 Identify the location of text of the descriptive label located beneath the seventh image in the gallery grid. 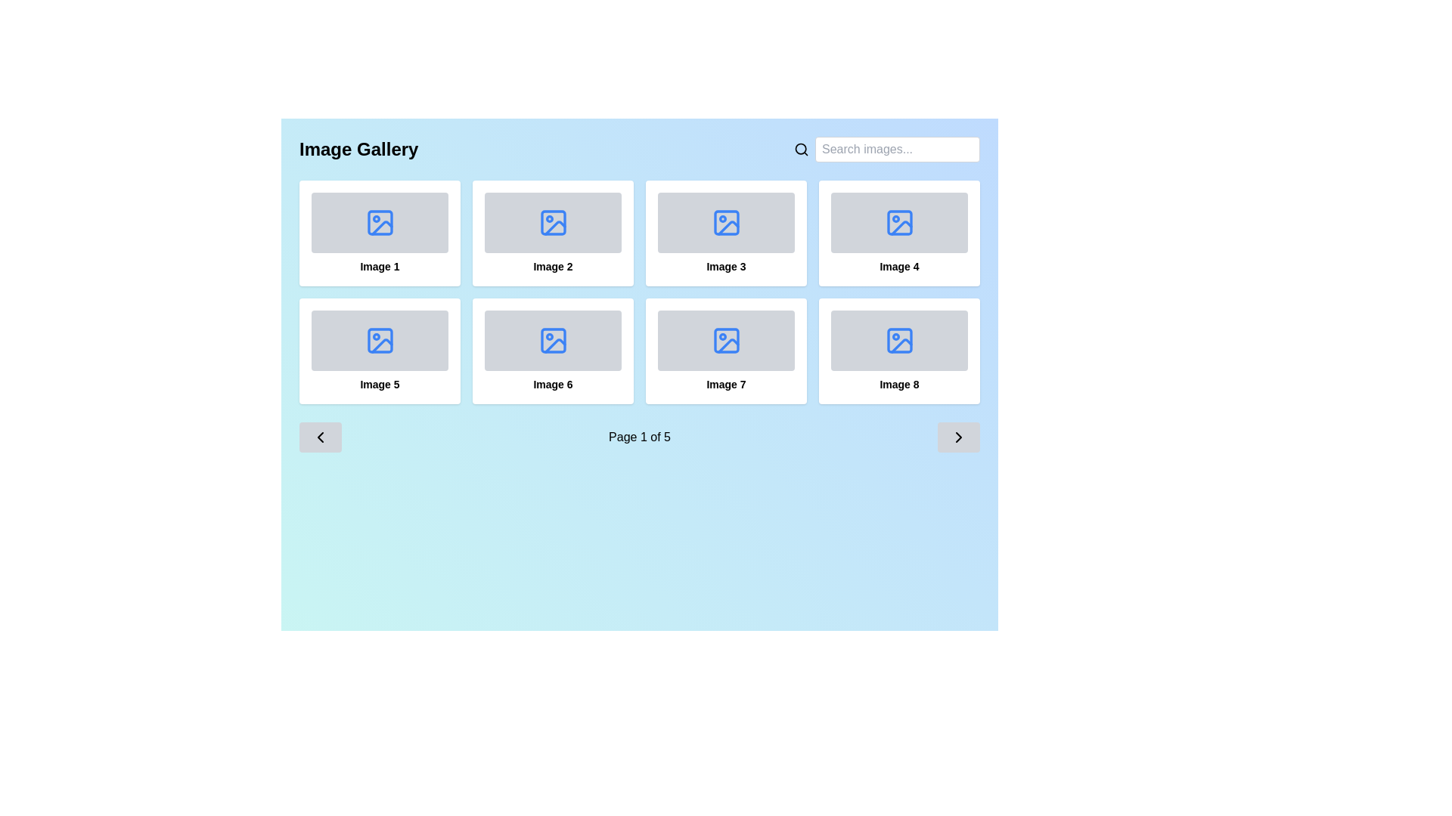
(726, 384).